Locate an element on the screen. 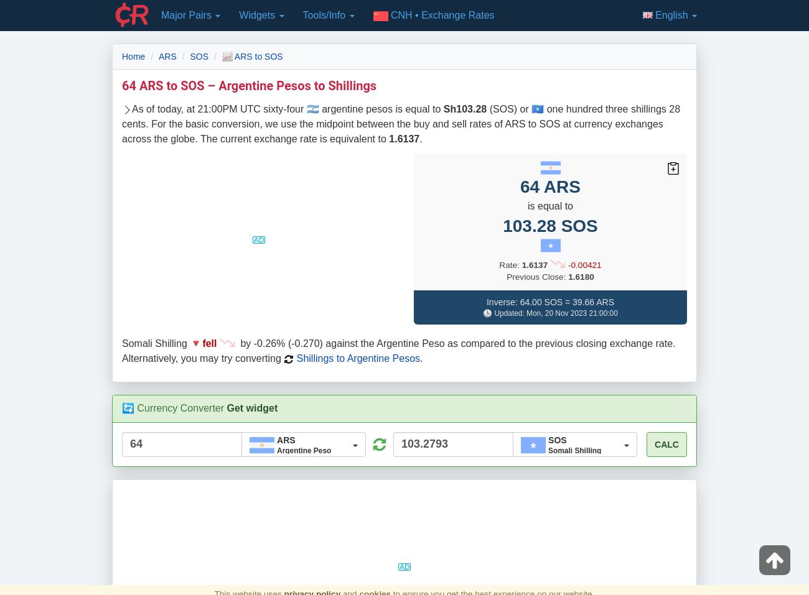  '64 ARS' is located at coordinates (549, 186).